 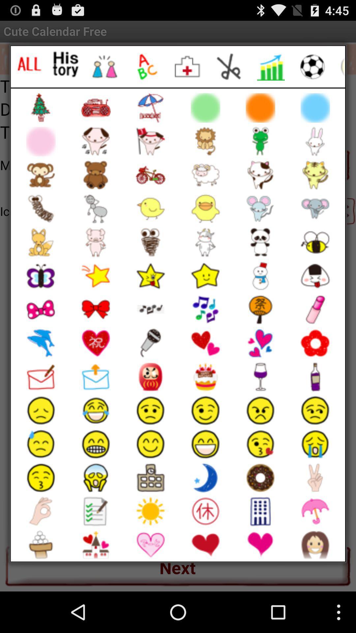 What do you see at coordinates (188, 67) in the screenshot?
I see `choose symbol` at bounding box center [188, 67].